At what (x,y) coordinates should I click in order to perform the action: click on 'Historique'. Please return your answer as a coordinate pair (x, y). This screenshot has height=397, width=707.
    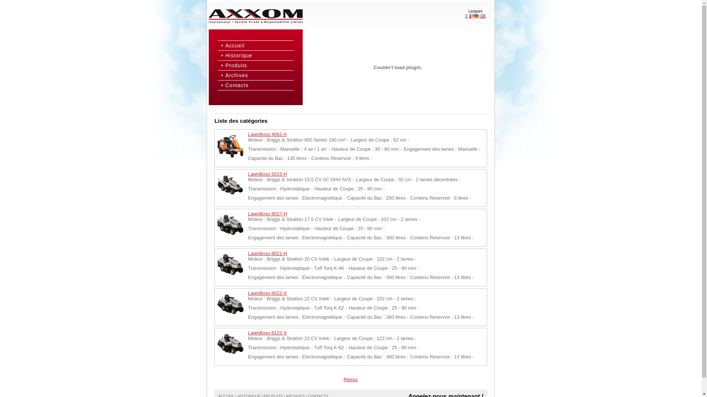
    Looking at the image, I should click on (258, 55).